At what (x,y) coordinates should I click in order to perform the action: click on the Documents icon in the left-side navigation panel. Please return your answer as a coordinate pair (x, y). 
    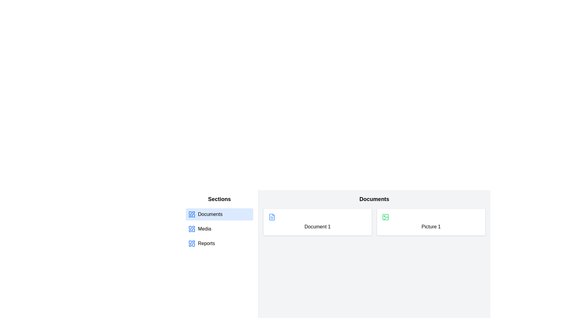
    Looking at the image, I should click on (192, 214).